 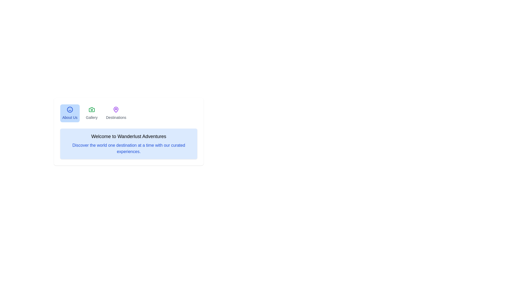 I want to click on the tab labeled Destinations to view its content, so click(x=116, y=113).